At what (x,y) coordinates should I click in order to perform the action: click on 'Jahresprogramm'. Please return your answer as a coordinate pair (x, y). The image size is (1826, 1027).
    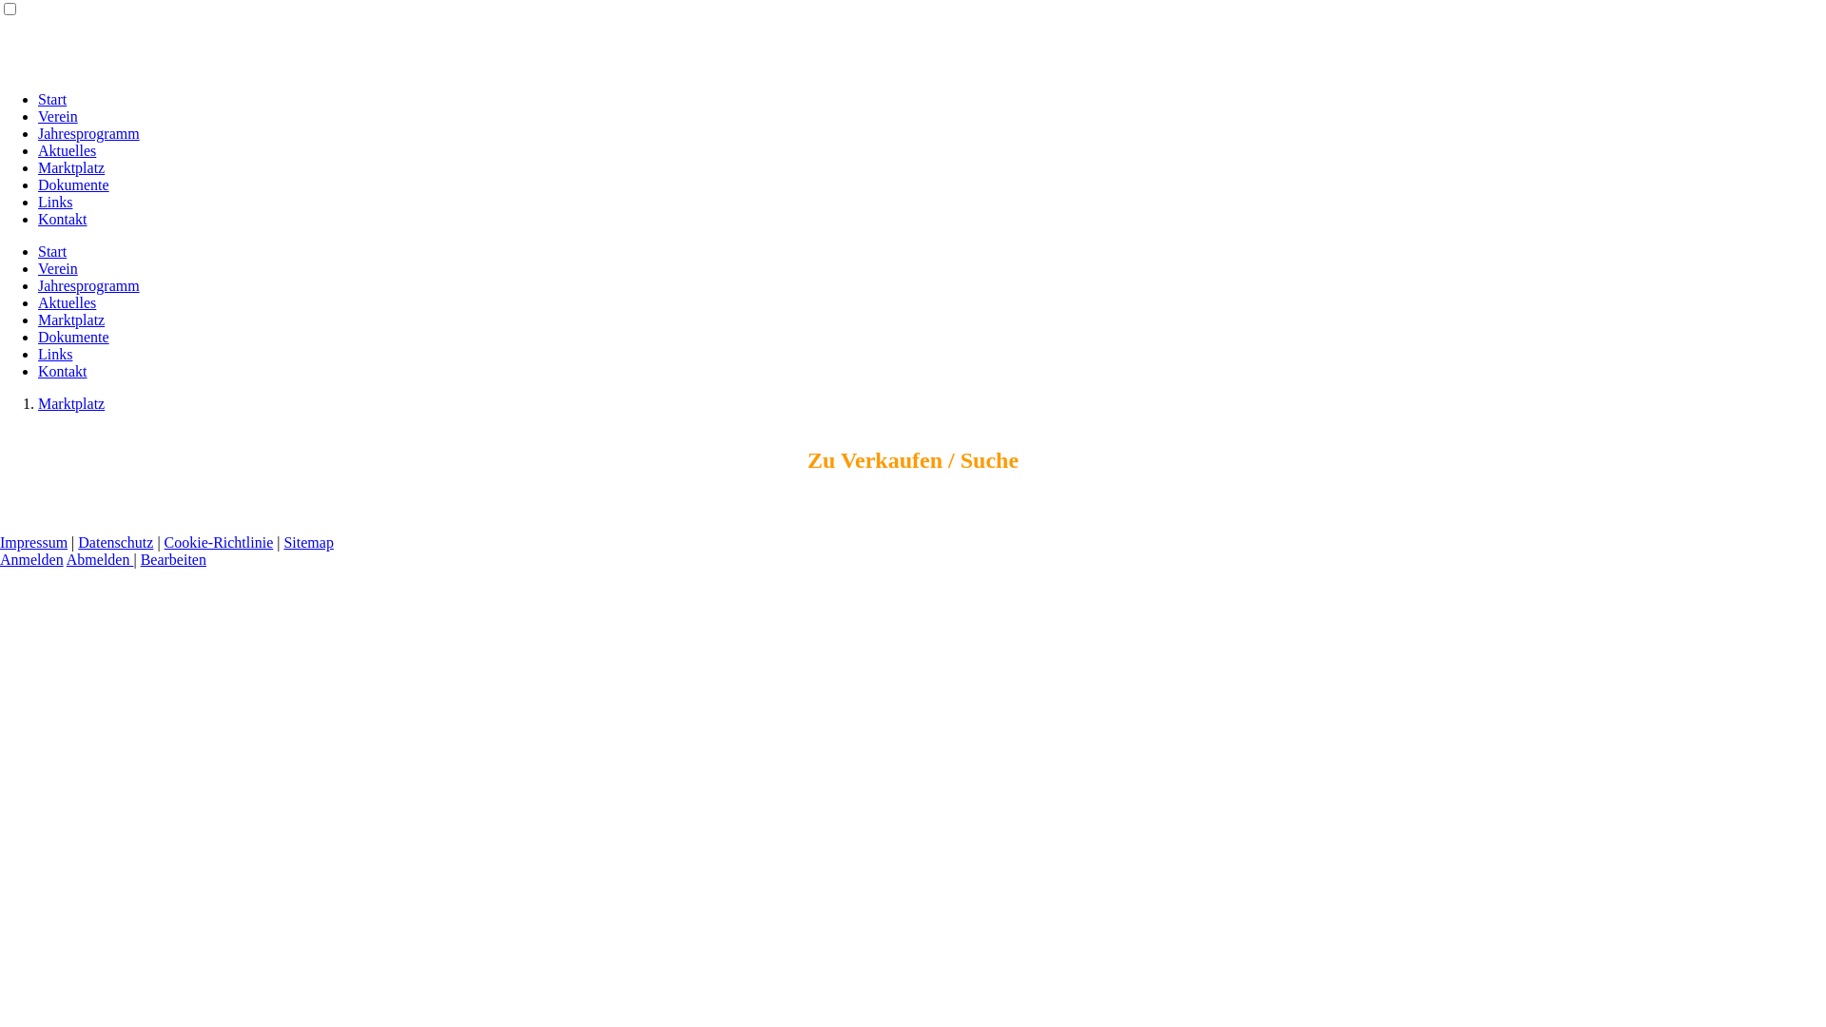
    Looking at the image, I should click on (87, 132).